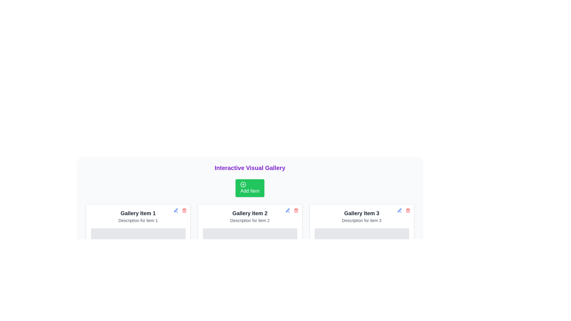 Image resolution: width=571 pixels, height=321 pixels. Describe the element at coordinates (404, 210) in the screenshot. I see `the red trash icon in the top-right corner of the third gallery box labeled 'Gallery Item 3'` at that location.